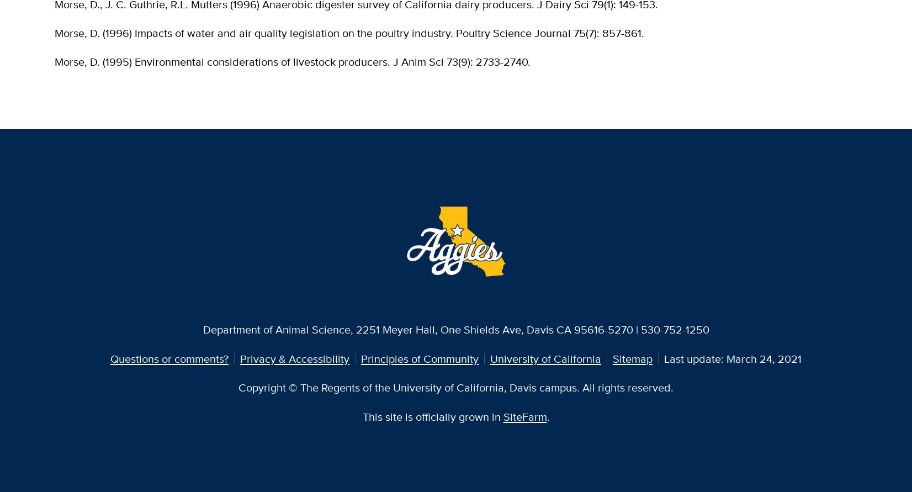  Describe the element at coordinates (203, 329) in the screenshot. I see `'Department of Animal Science, 2251 Meyer Hall, One Shields Ave, Davis CA 95616-5270 | 530-752-1250'` at that location.